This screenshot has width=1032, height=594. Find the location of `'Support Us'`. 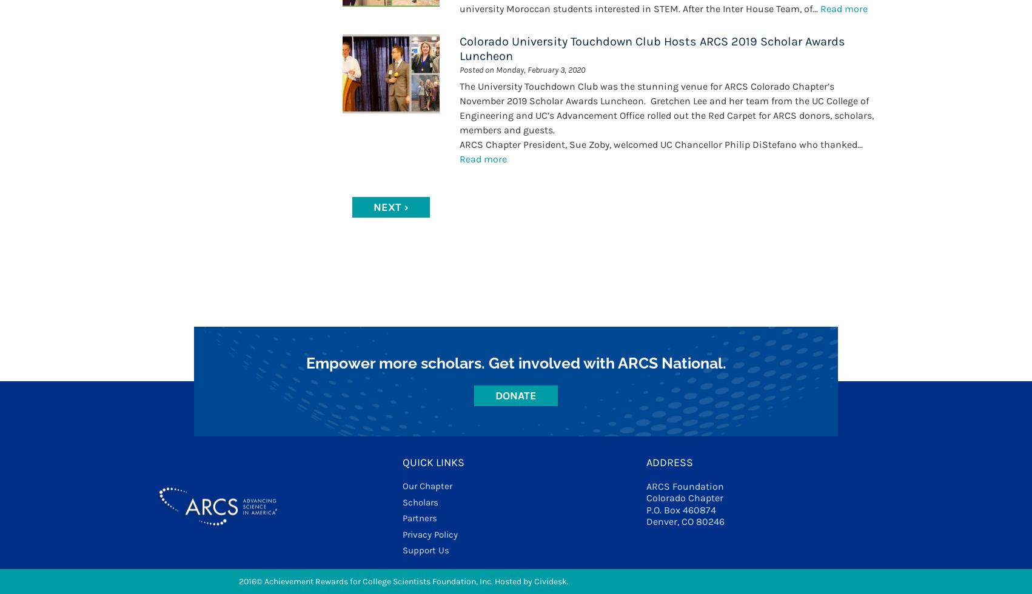

'Support Us' is located at coordinates (425, 550).